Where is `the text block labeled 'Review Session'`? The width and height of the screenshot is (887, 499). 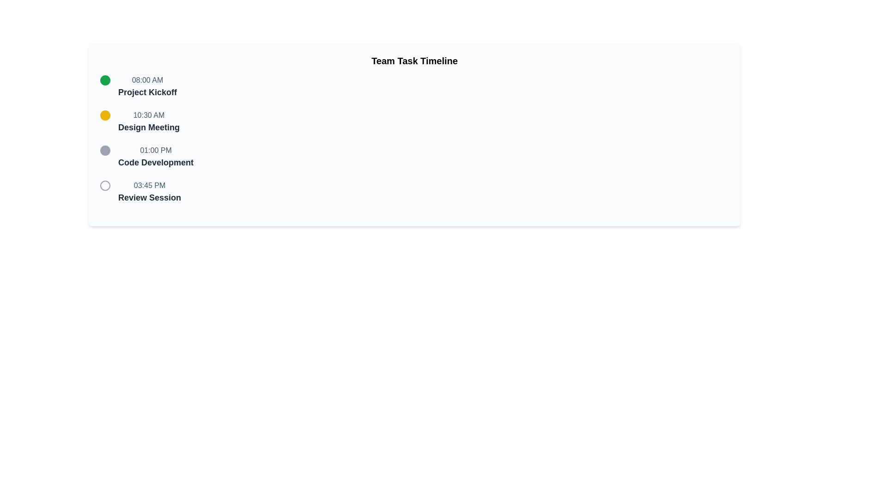 the text block labeled 'Review Session' is located at coordinates (150, 192).